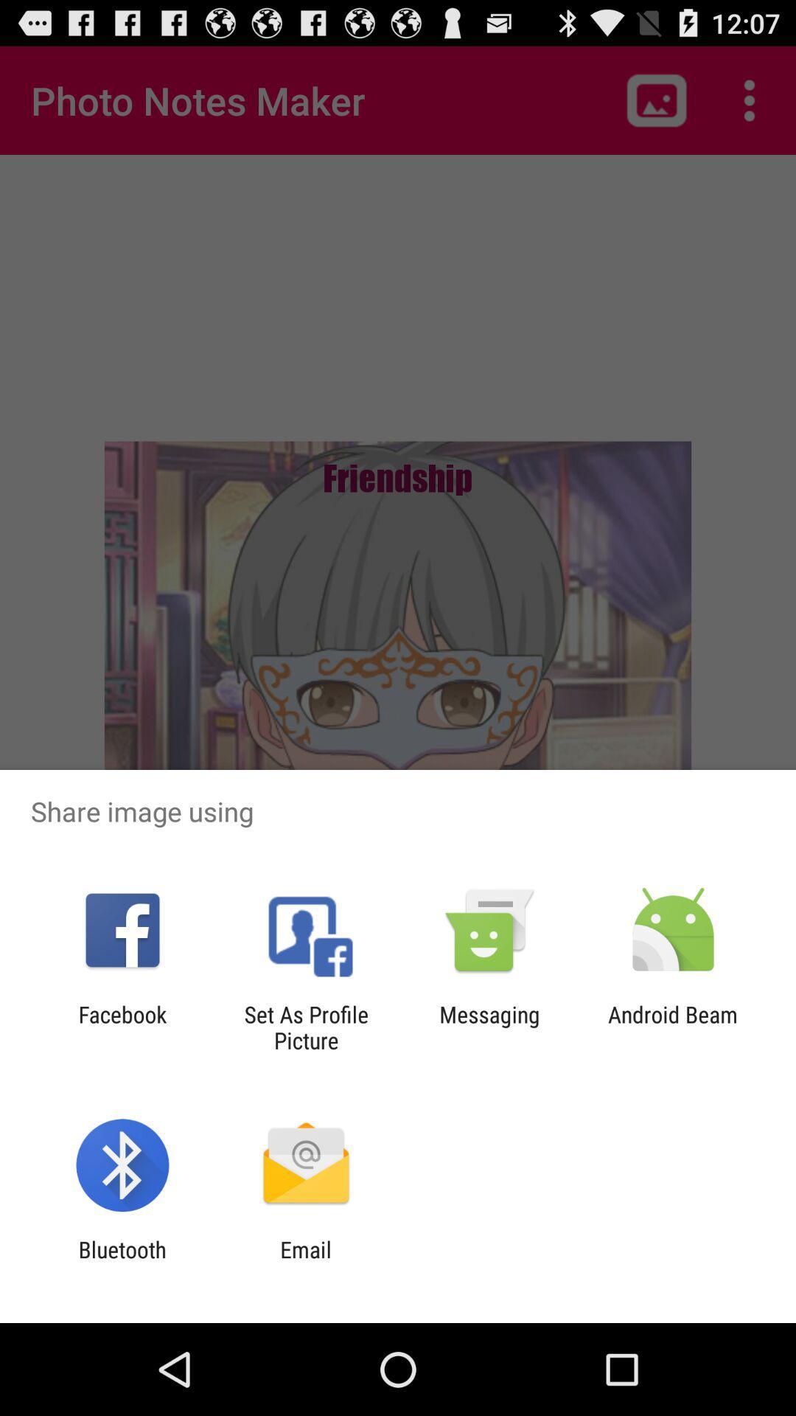 The image size is (796, 1416). I want to click on the app next to set as profile app, so click(122, 1027).